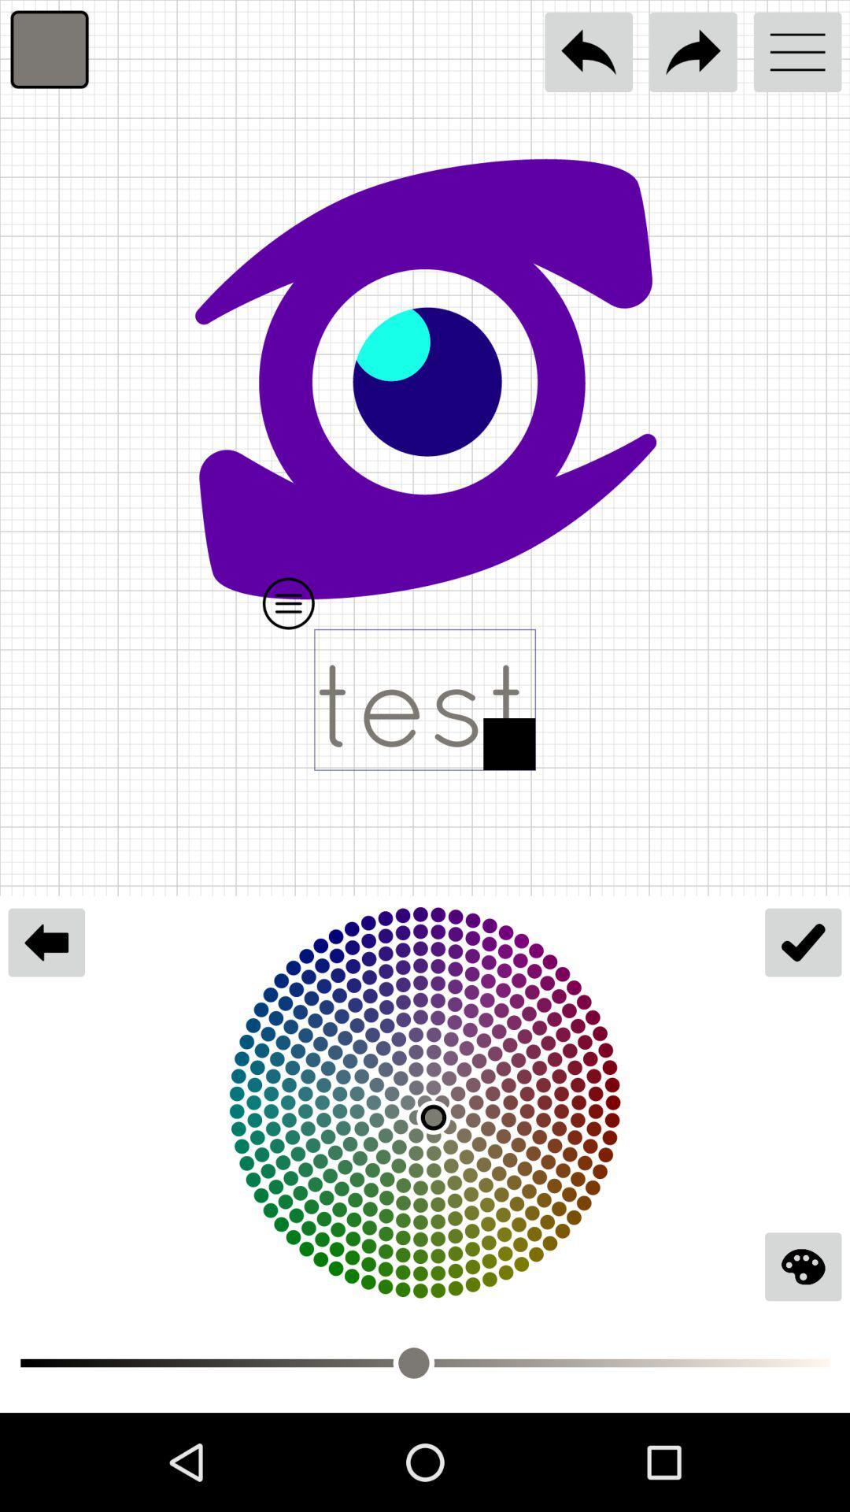 Image resolution: width=850 pixels, height=1512 pixels. What do you see at coordinates (46, 942) in the screenshot?
I see `the arrow_backward icon` at bounding box center [46, 942].